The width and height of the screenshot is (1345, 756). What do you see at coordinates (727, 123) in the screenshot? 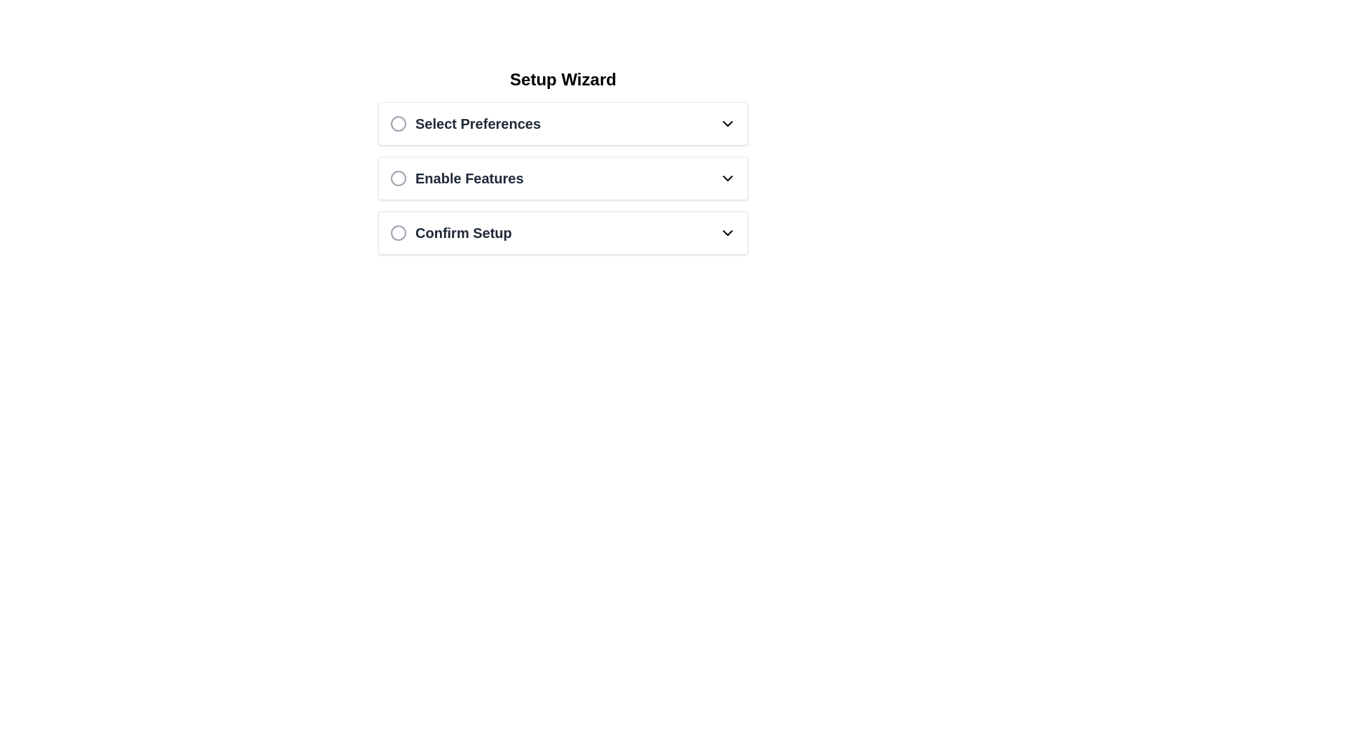
I see `the Chevron icon located to the right of the 'Select Preferences' text` at bounding box center [727, 123].